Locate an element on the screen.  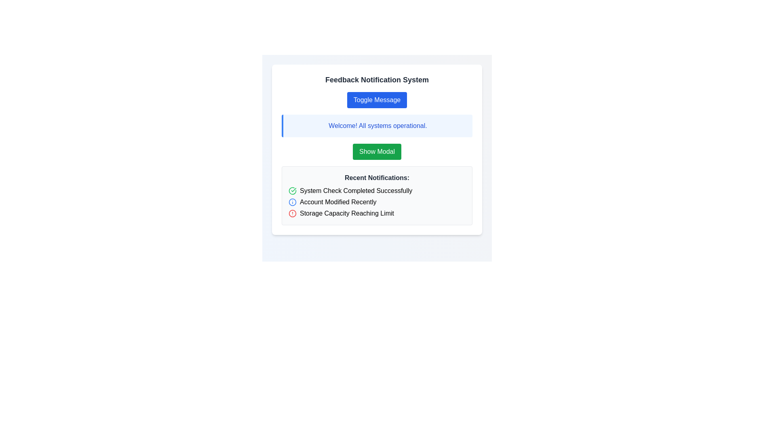
the Text header located at the top of the card structure, which serves as an identifier for the overall content of the card is located at coordinates (376, 80).